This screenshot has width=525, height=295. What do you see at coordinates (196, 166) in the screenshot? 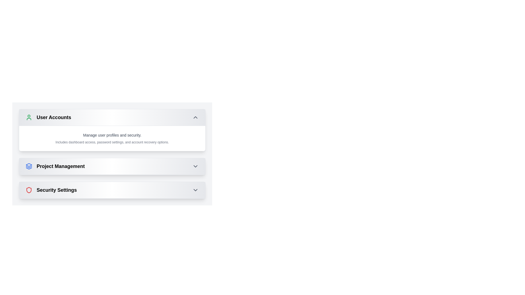
I see `the downward-facing chevron icon in the 'Project Management' section` at bounding box center [196, 166].